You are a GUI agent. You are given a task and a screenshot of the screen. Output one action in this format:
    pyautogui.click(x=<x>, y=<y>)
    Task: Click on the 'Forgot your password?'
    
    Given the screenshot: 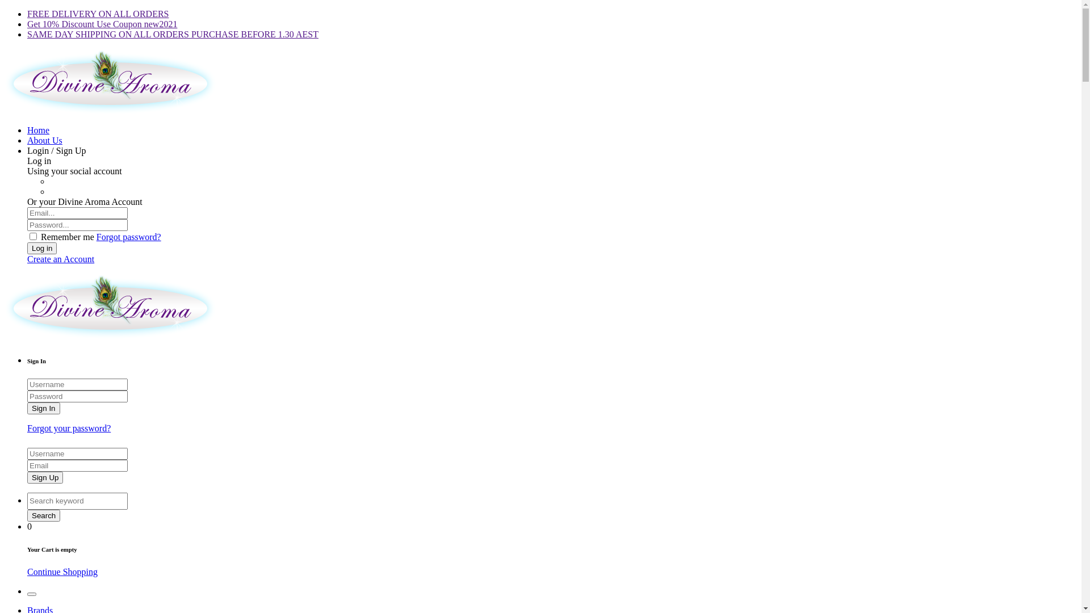 What is the action you would take?
    pyautogui.click(x=68, y=428)
    